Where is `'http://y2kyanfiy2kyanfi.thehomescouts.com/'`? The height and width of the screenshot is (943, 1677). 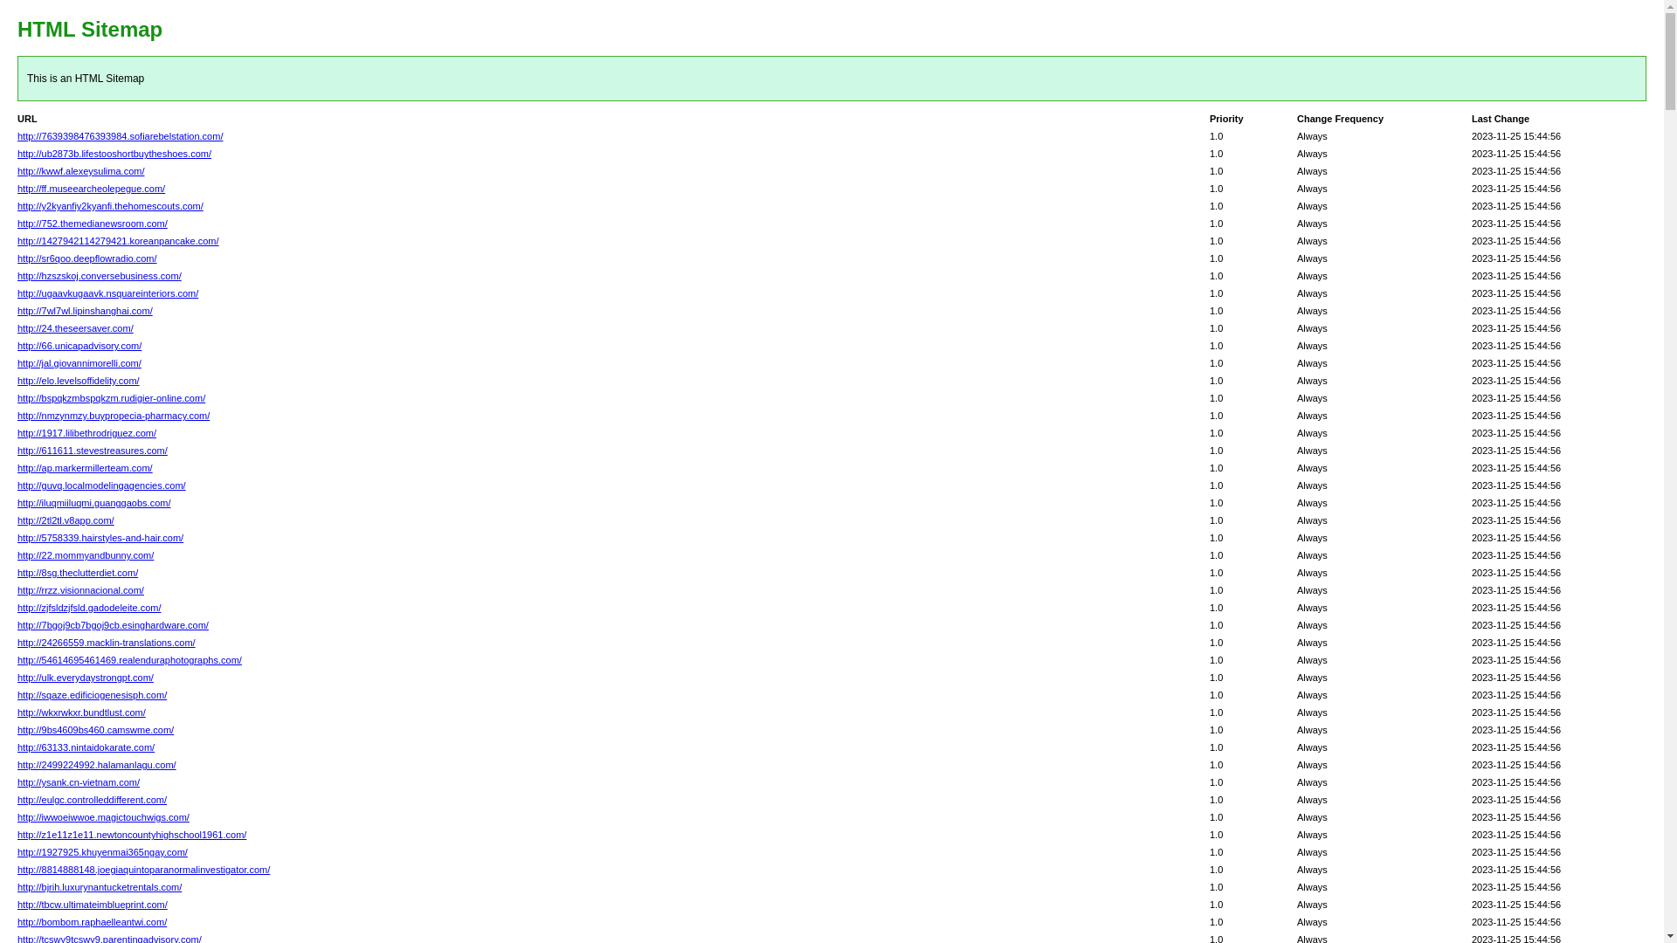 'http://y2kyanfiy2kyanfi.thehomescouts.com/' is located at coordinates (109, 204).